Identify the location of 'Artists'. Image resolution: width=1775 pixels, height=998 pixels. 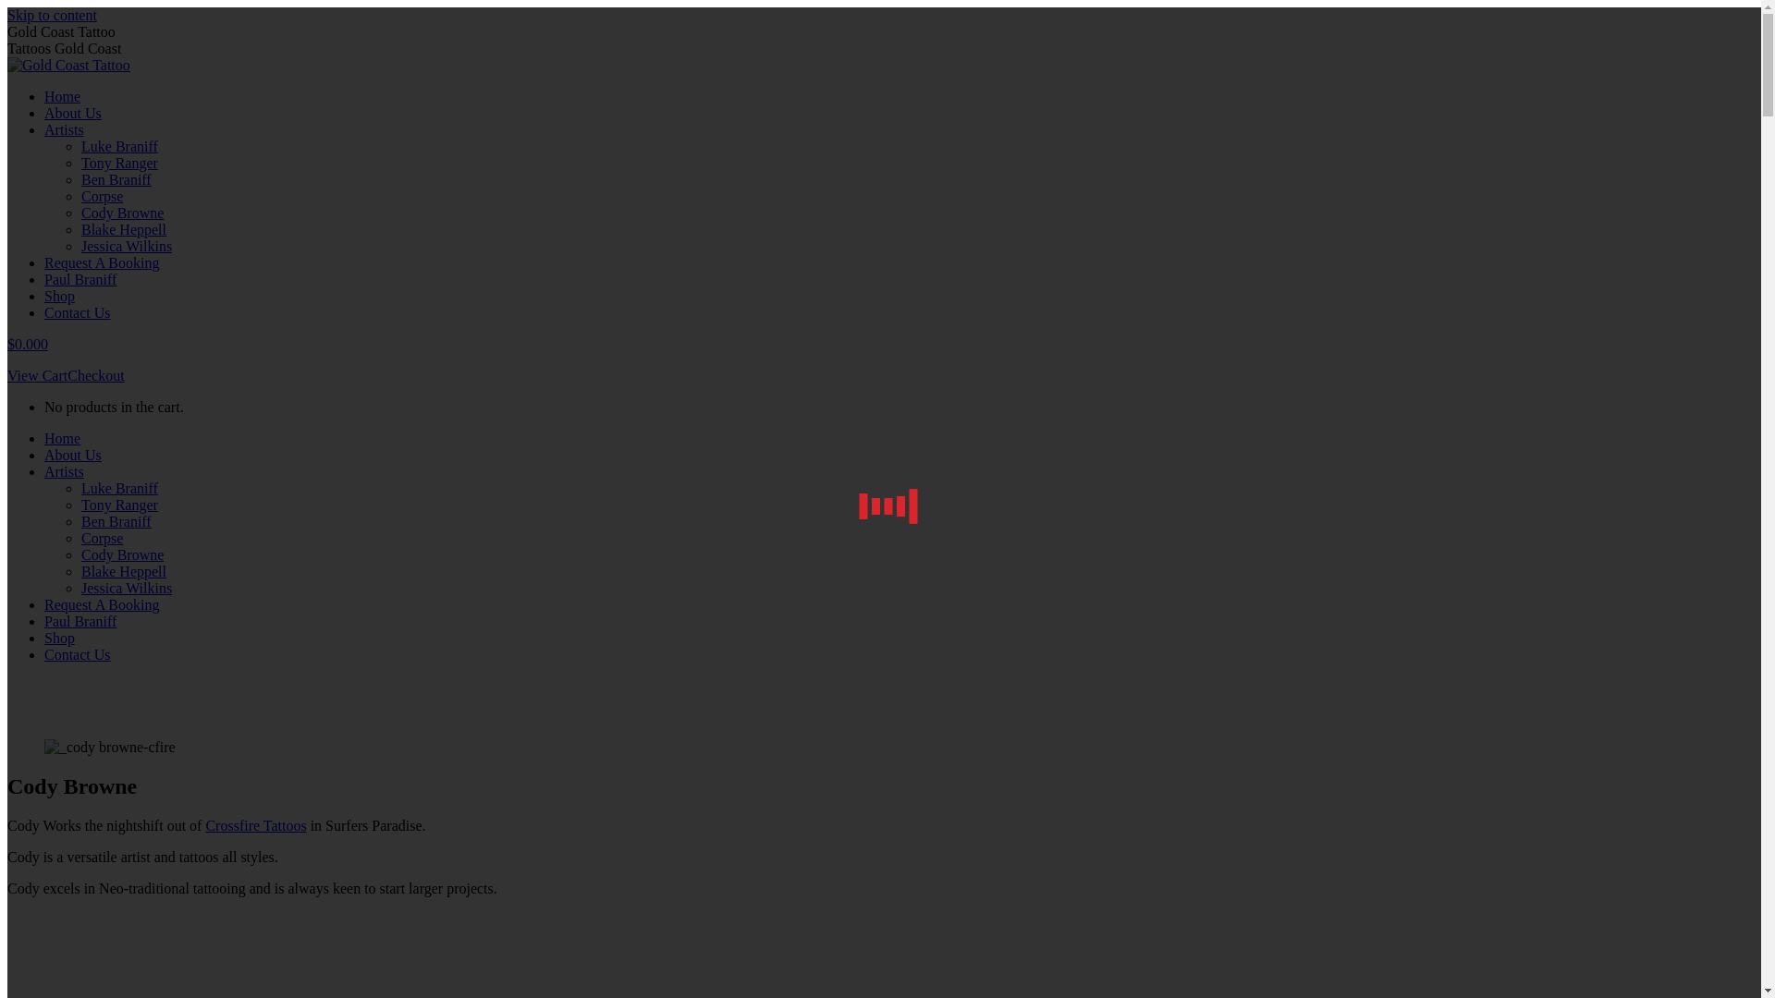
(64, 470).